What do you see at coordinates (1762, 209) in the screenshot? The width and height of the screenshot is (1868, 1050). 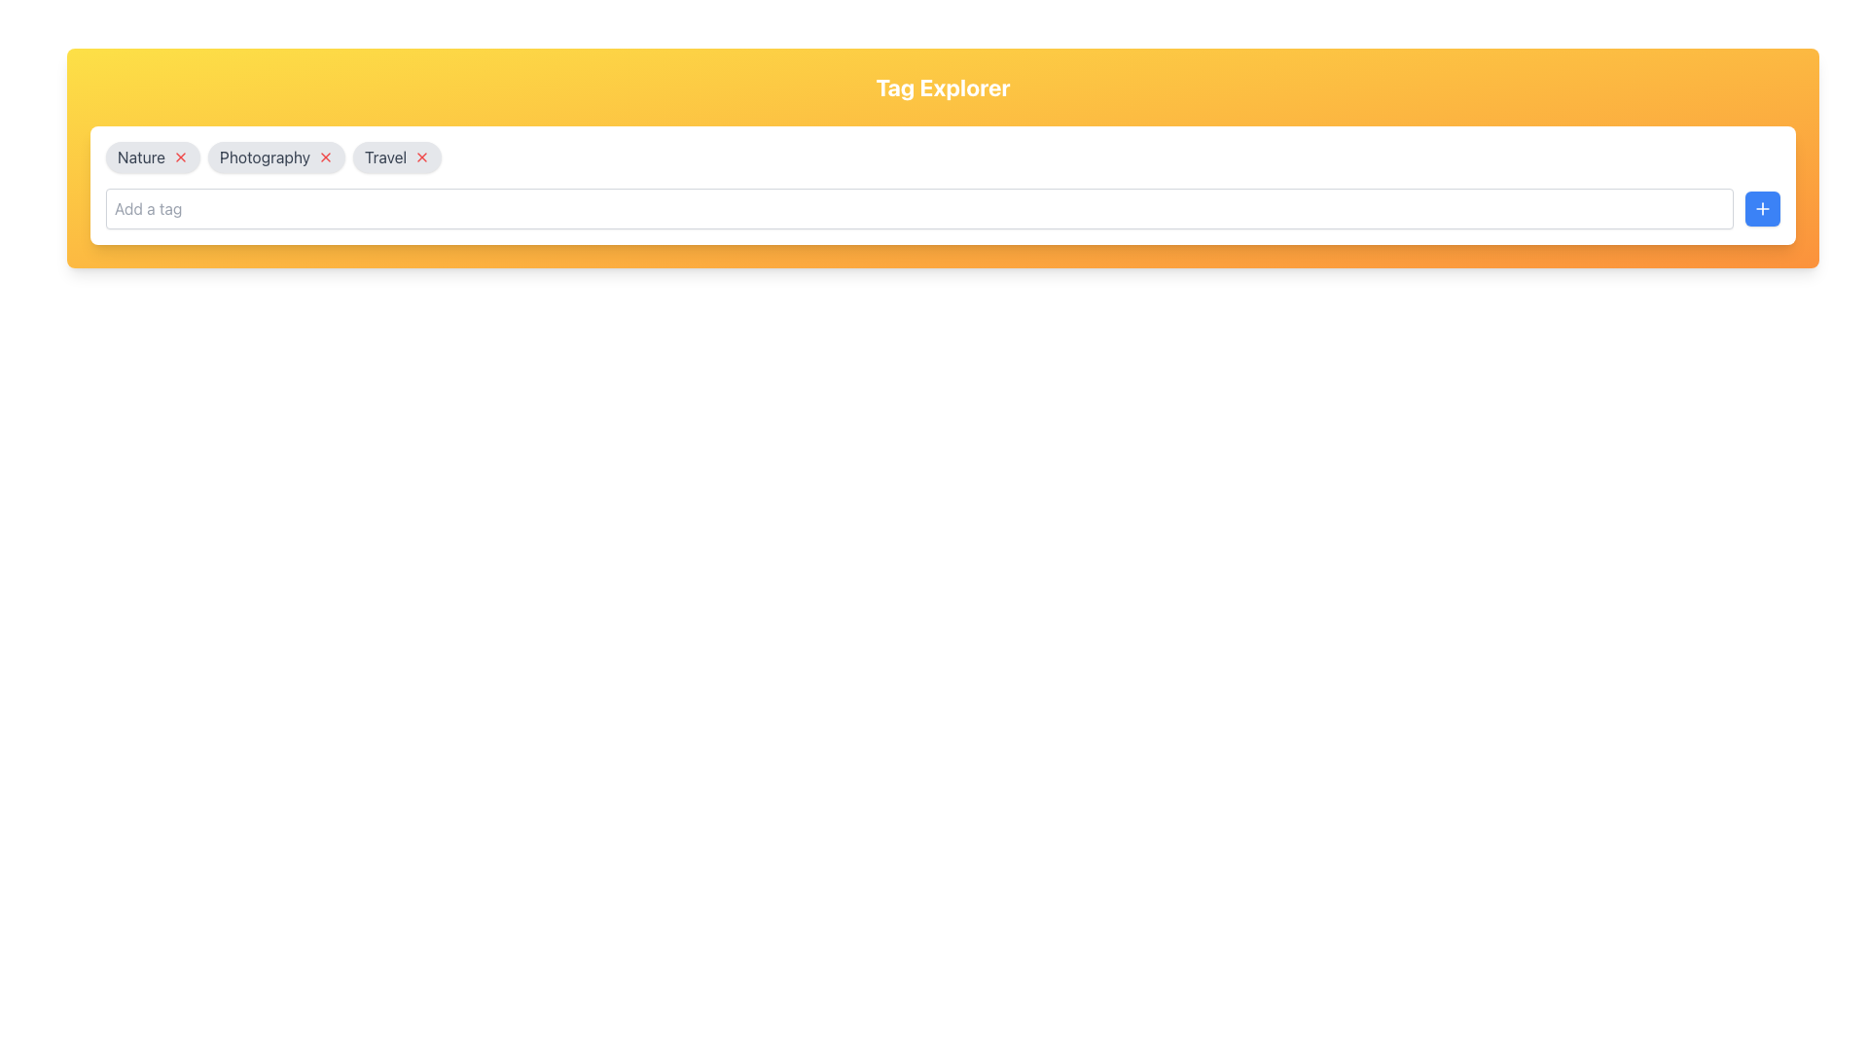 I see `the plus sign icon button located in the bottom-right corner of the blue circular button in the 'Tag Explorer' toolbar` at bounding box center [1762, 209].